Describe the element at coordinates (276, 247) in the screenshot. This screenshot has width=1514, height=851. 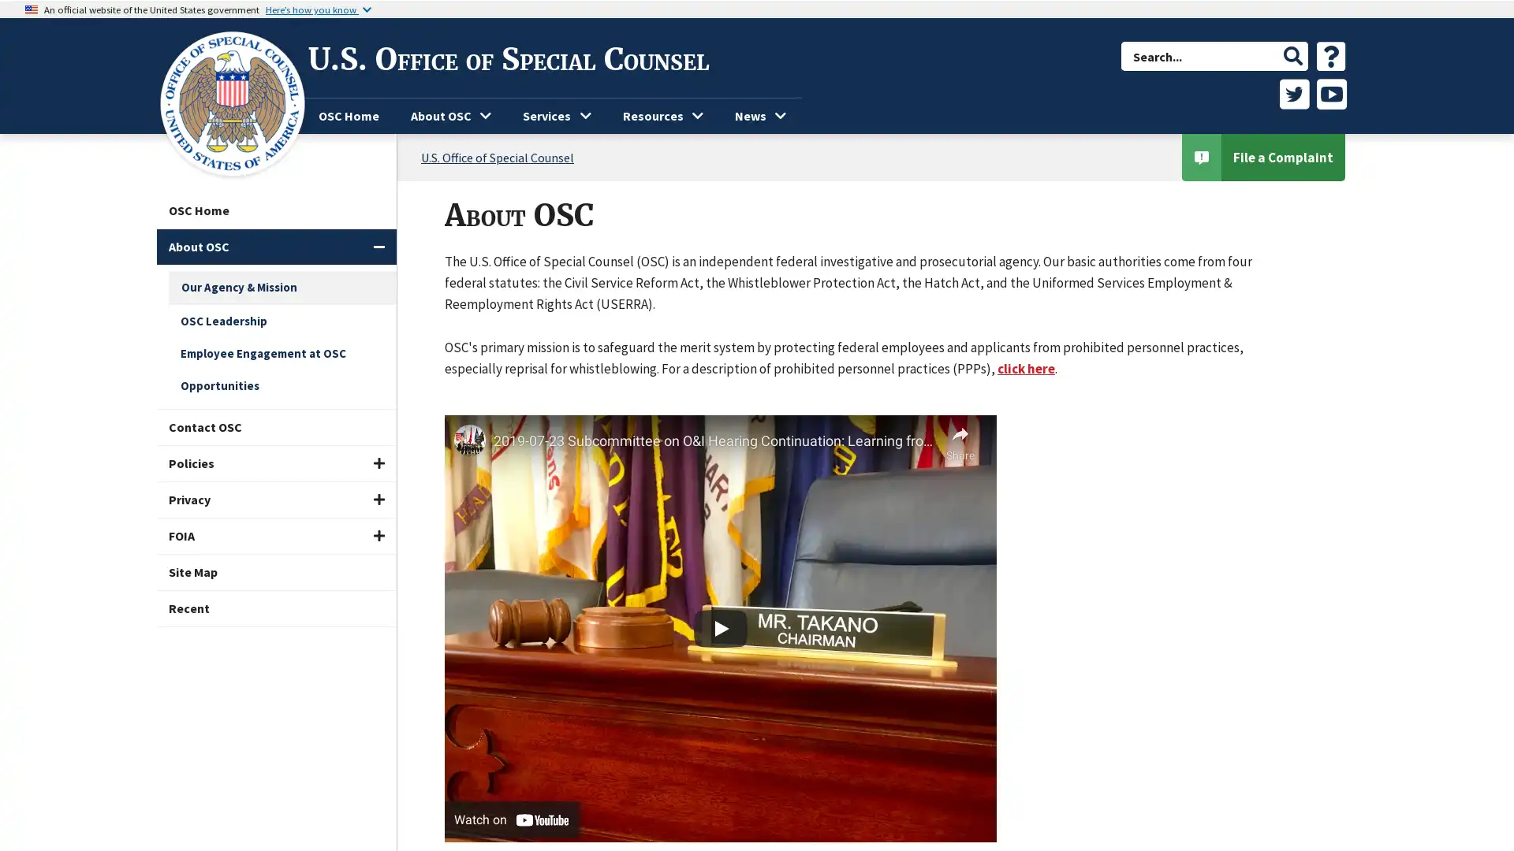
I see `About OSC` at that location.